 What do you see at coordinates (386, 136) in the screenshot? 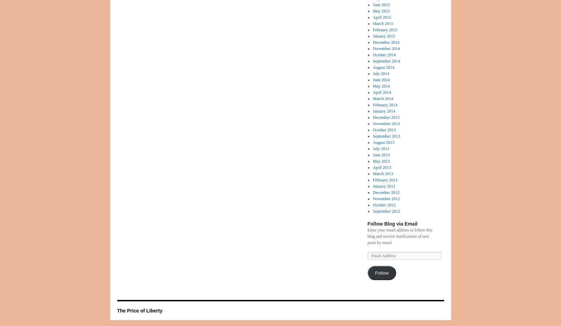
I see `'September 2013'` at bounding box center [386, 136].